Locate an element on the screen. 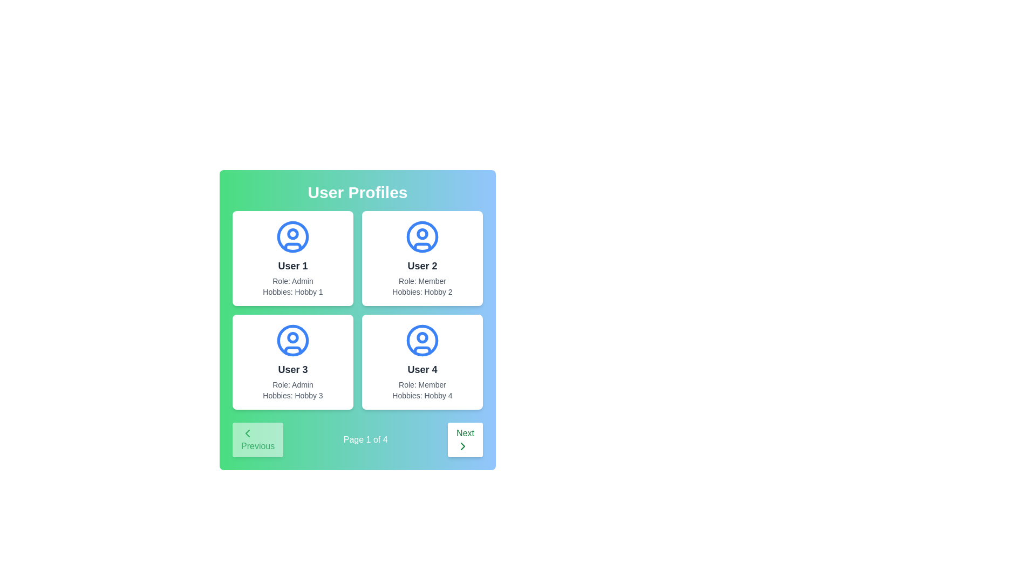  the chevron icon located within the 'Previous' button at the bottom-left of the user interface is located at coordinates (247, 432).